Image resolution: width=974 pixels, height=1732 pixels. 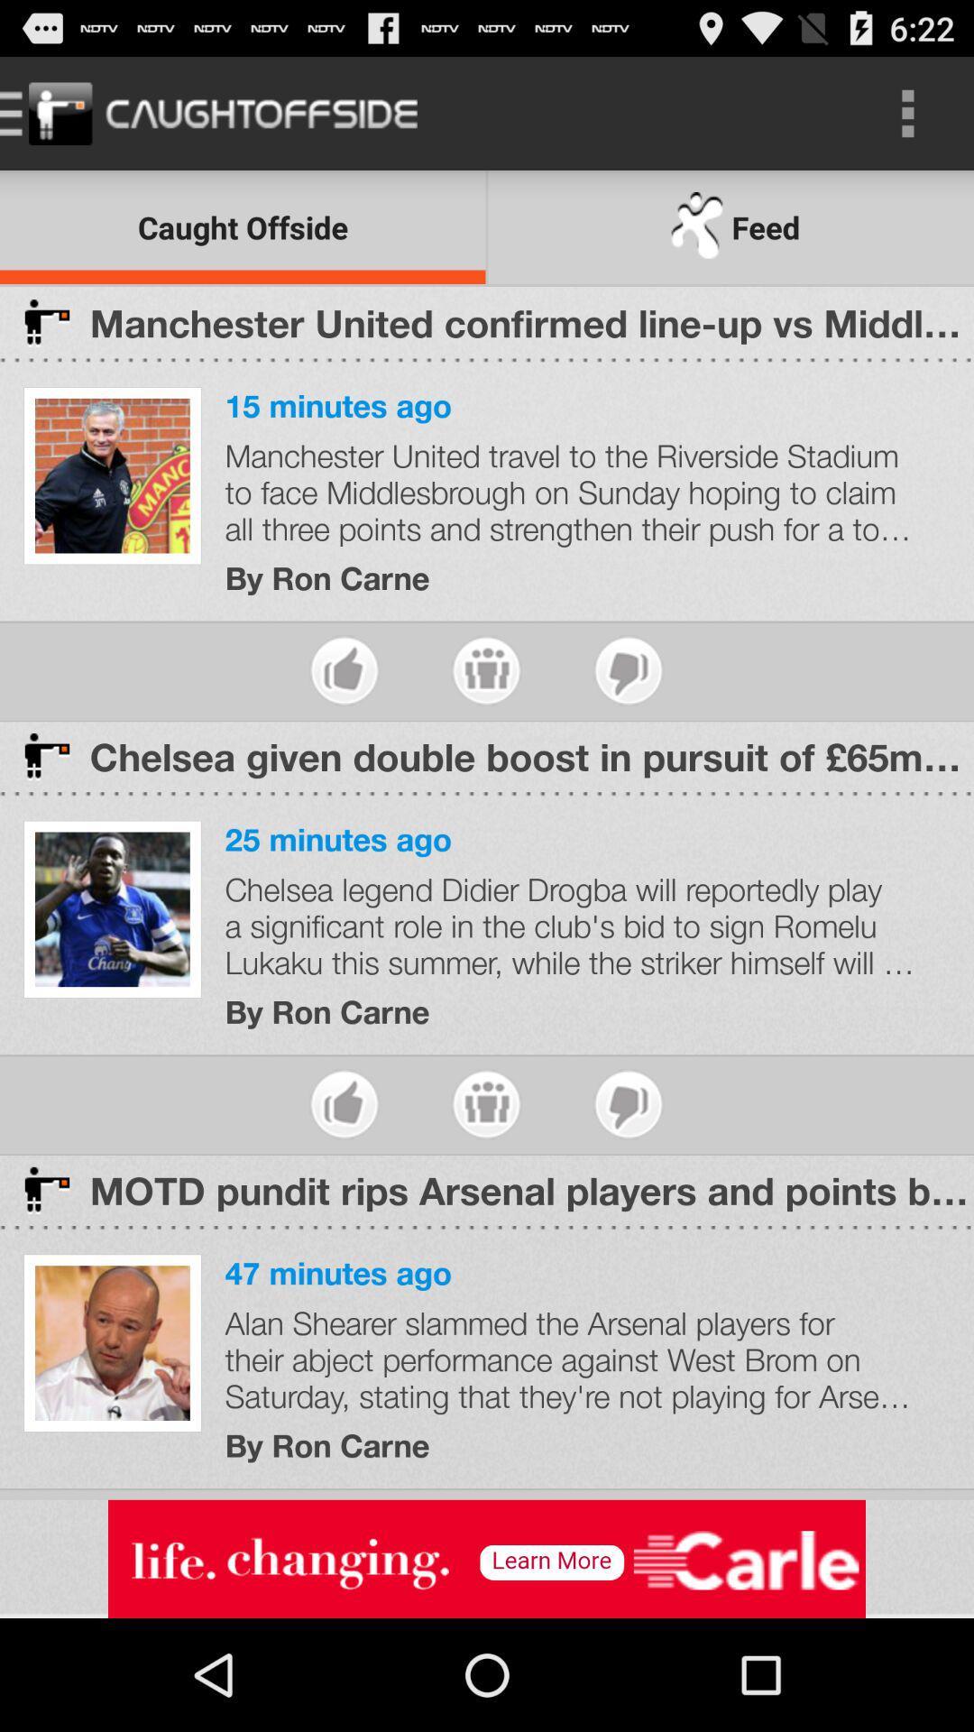 I want to click on share story, so click(x=485, y=669).